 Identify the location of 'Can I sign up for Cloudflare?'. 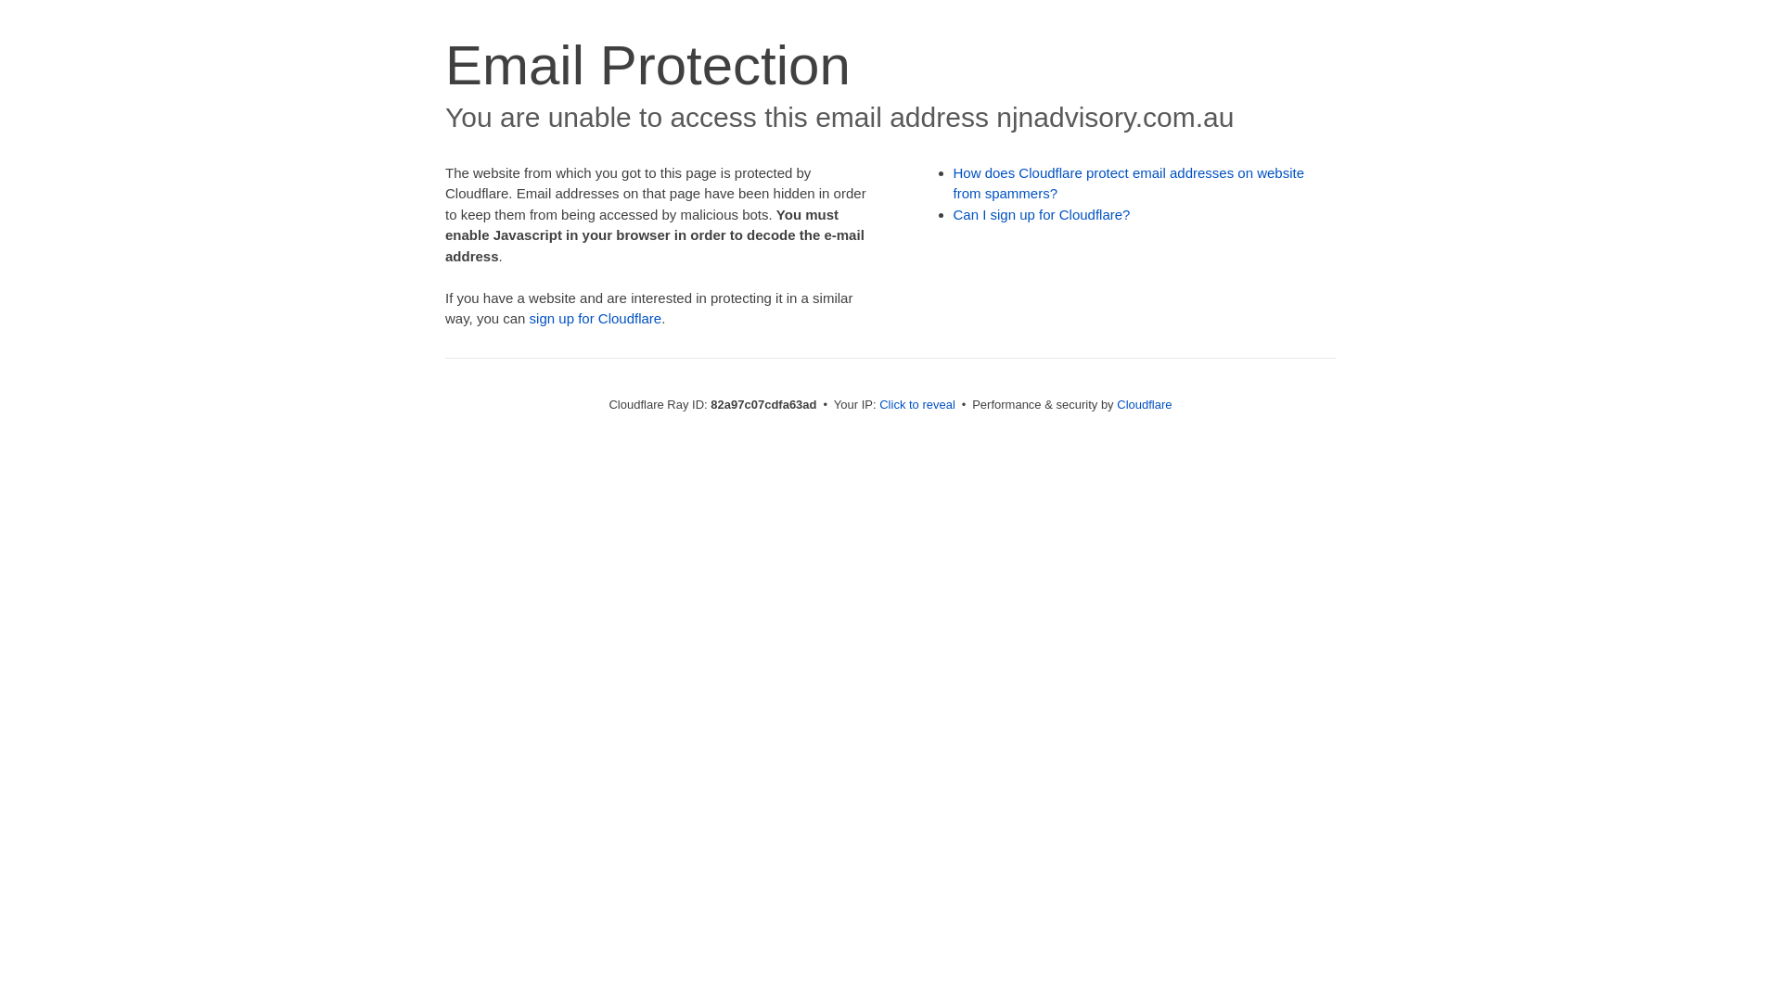
(1042, 213).